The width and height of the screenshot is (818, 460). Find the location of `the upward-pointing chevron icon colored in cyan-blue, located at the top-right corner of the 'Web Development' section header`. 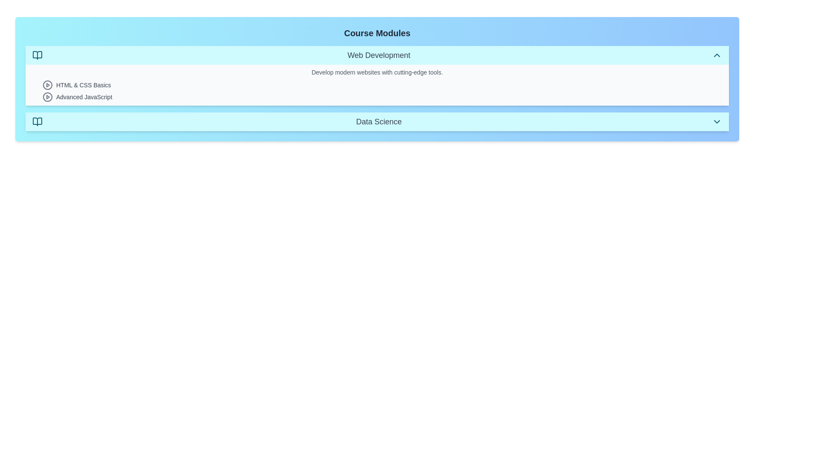

the upward-pointing chevron icon colored in cyan-blue, located at the top-right corner of the 'Web Development' section header is located at coordinates (717, 55).